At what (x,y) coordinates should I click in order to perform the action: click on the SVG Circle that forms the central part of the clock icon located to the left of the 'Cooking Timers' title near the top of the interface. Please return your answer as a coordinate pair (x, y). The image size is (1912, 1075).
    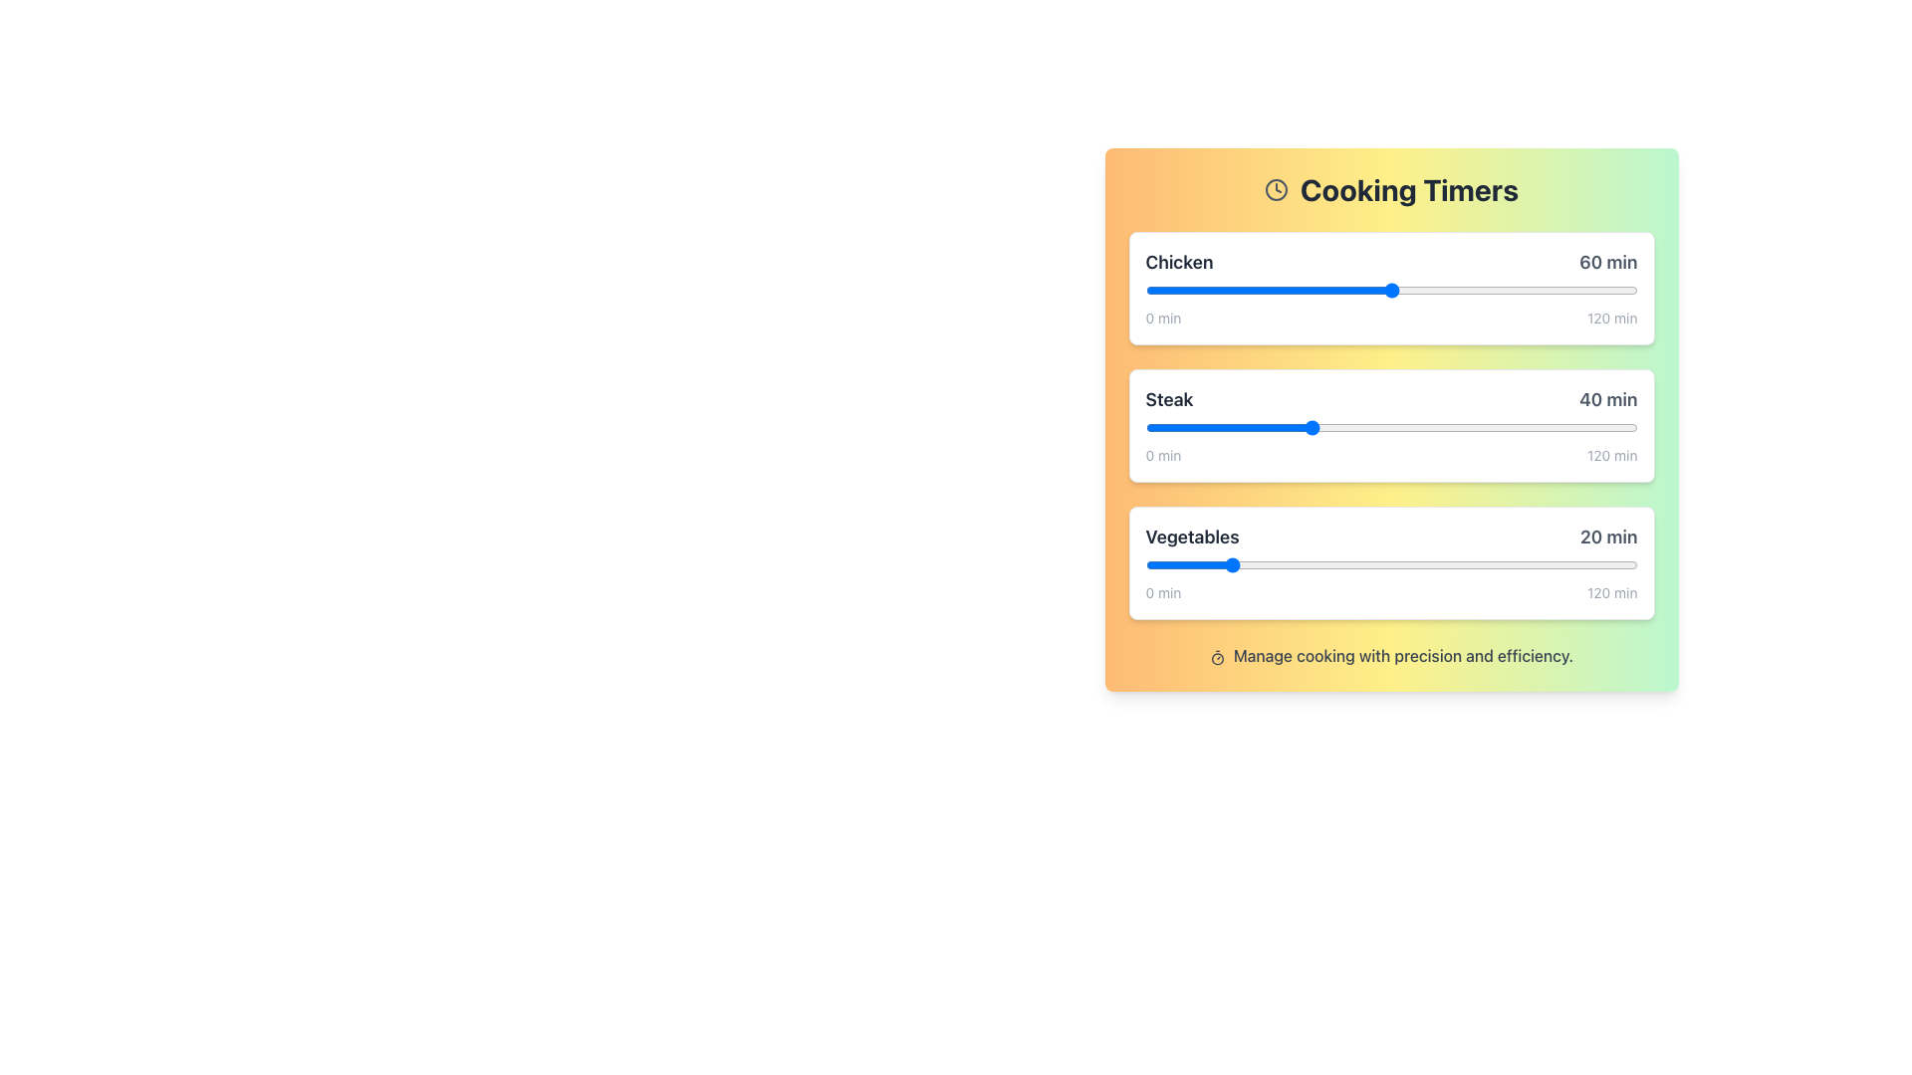
    Looking at the image, I should click on (1276, 190).